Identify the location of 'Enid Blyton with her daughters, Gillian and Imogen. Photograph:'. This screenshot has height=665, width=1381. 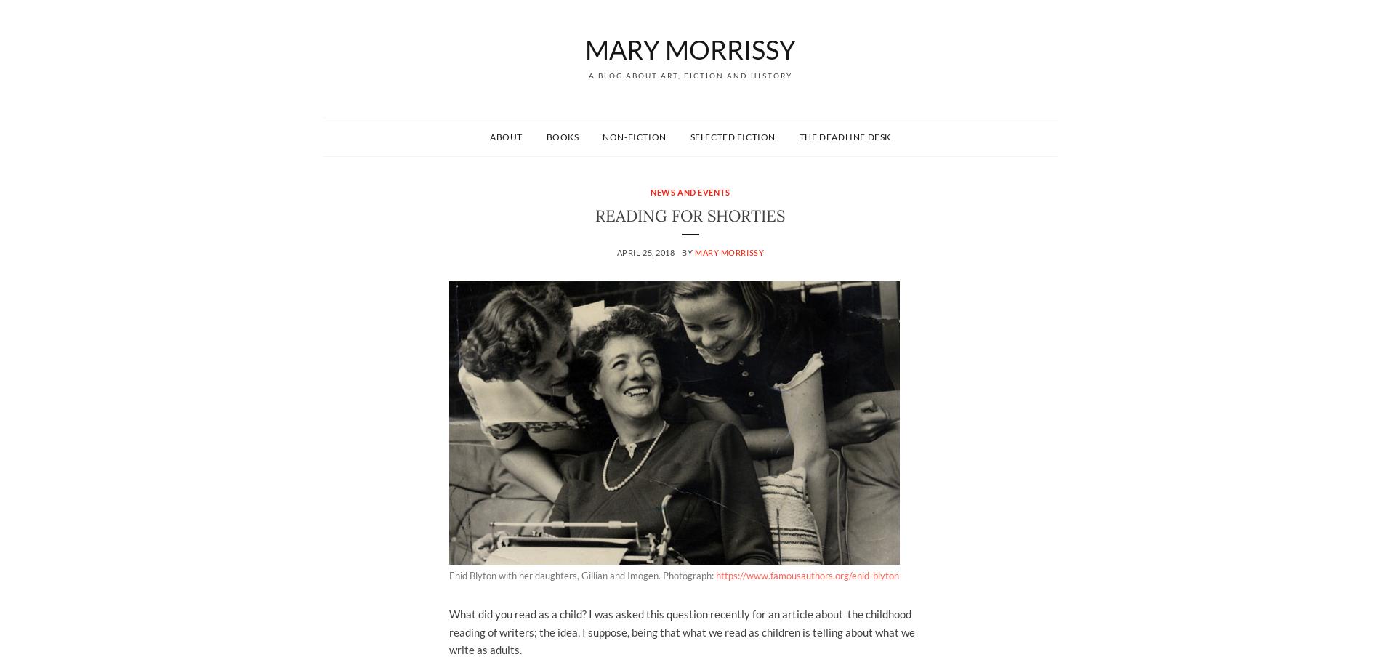
(581, 575).